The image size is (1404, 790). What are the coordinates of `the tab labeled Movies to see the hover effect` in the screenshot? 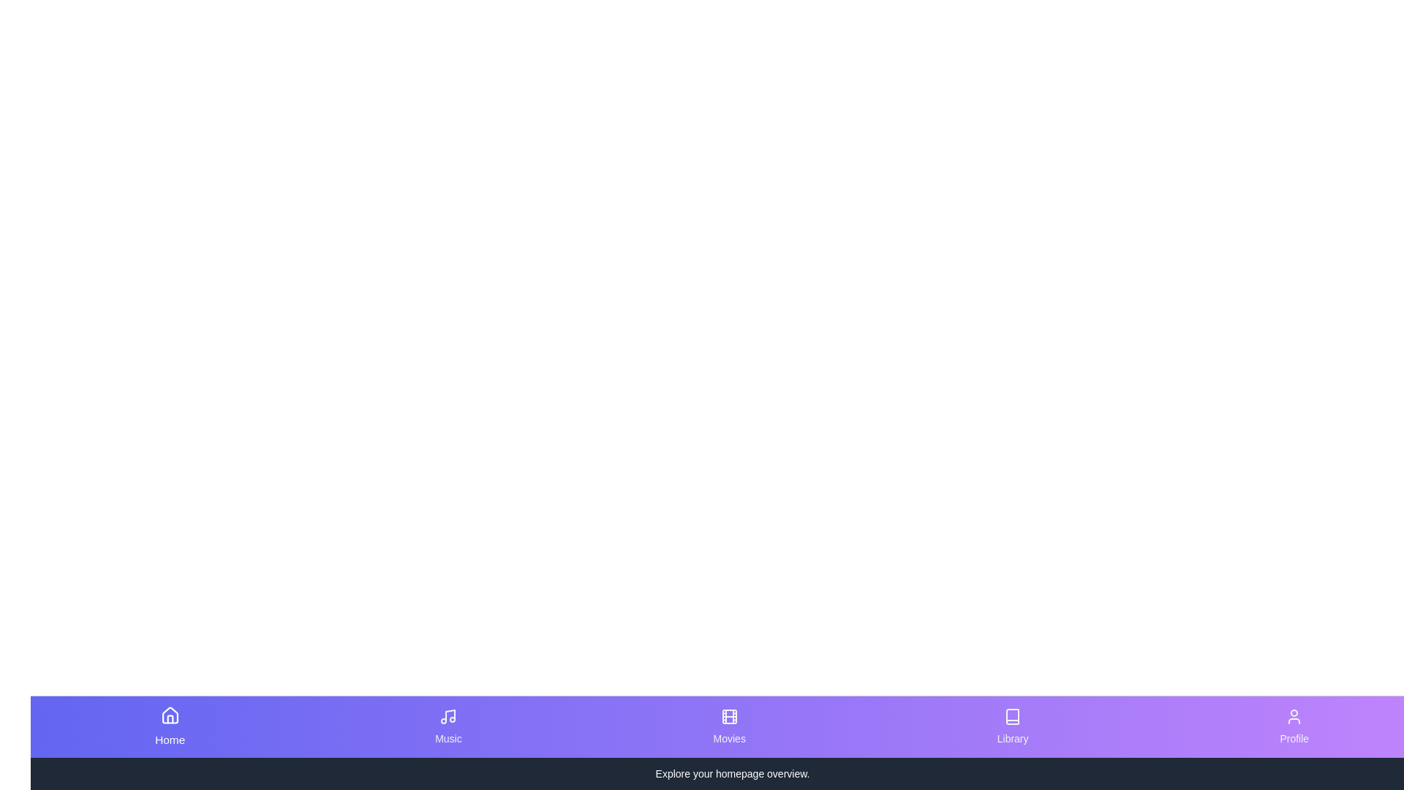 It's located at (729, 727).